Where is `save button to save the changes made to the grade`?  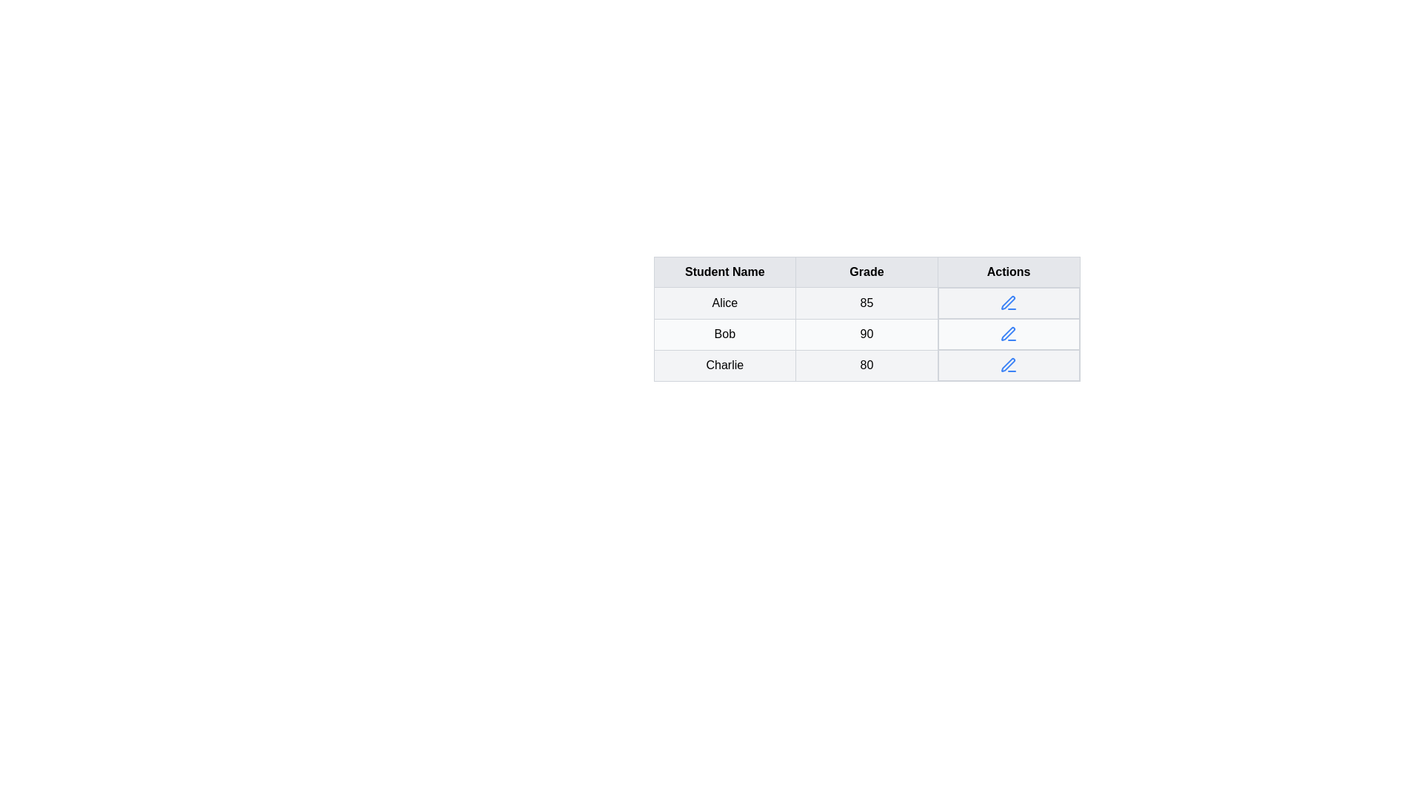
save button to save the changes made to the grade is located at coordinates (1008, 334).